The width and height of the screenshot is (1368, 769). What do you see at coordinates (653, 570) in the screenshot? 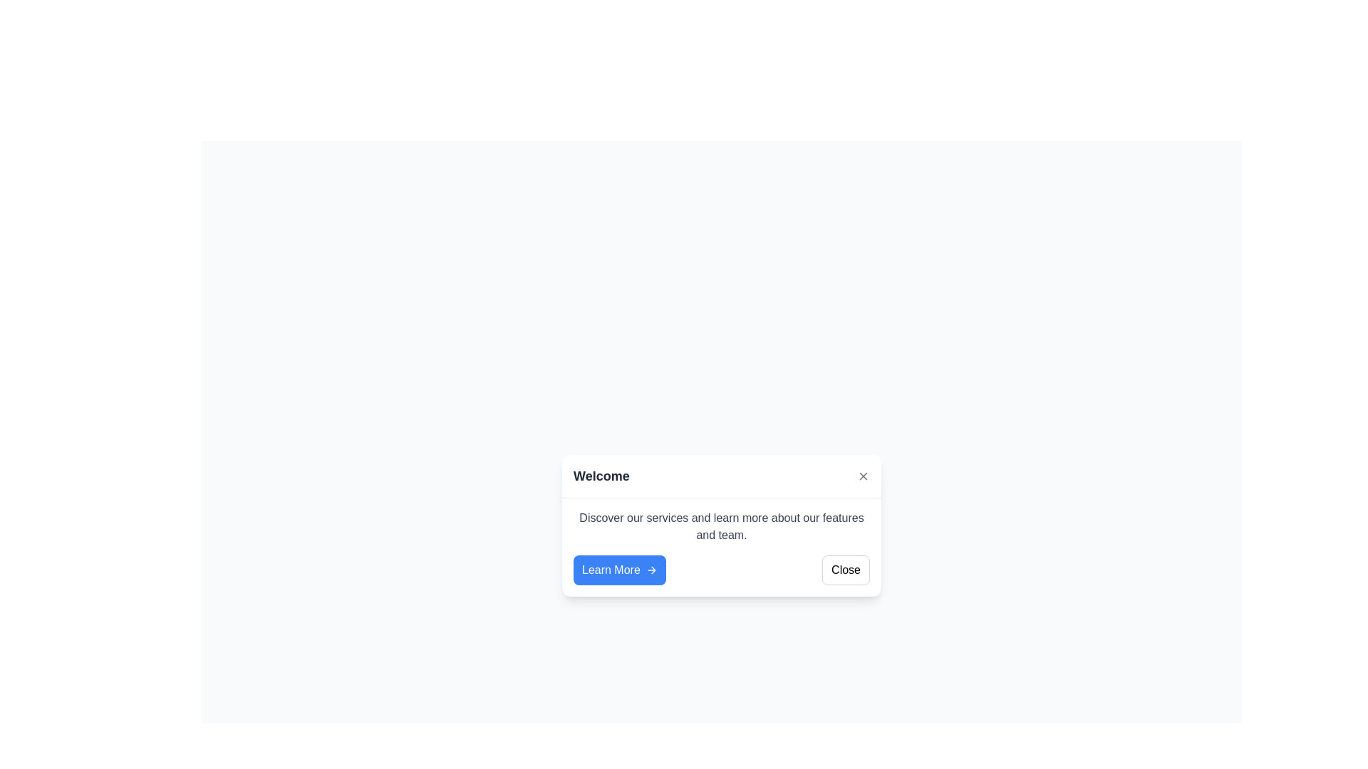
I see `the decorative arrow icon located to the right of the 'Learn More' button, which serves as a visual cue for additional navigation` at bounding box center [653, 570].